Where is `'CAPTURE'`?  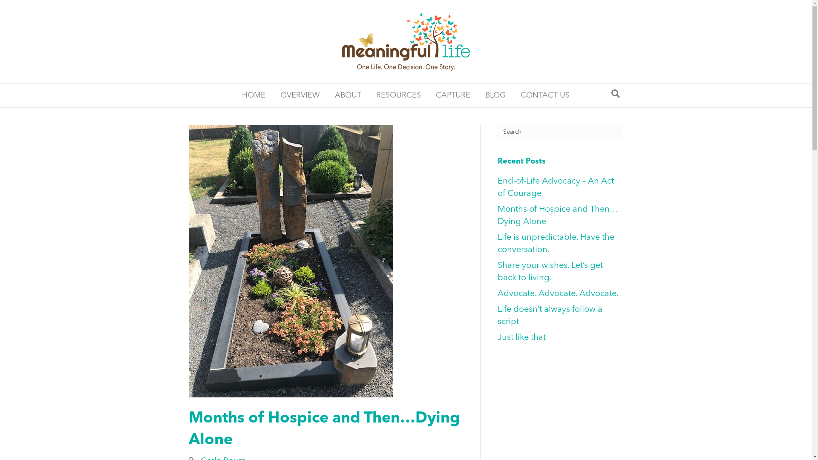
'CAPTURE' is located at coordinates (452, 95).